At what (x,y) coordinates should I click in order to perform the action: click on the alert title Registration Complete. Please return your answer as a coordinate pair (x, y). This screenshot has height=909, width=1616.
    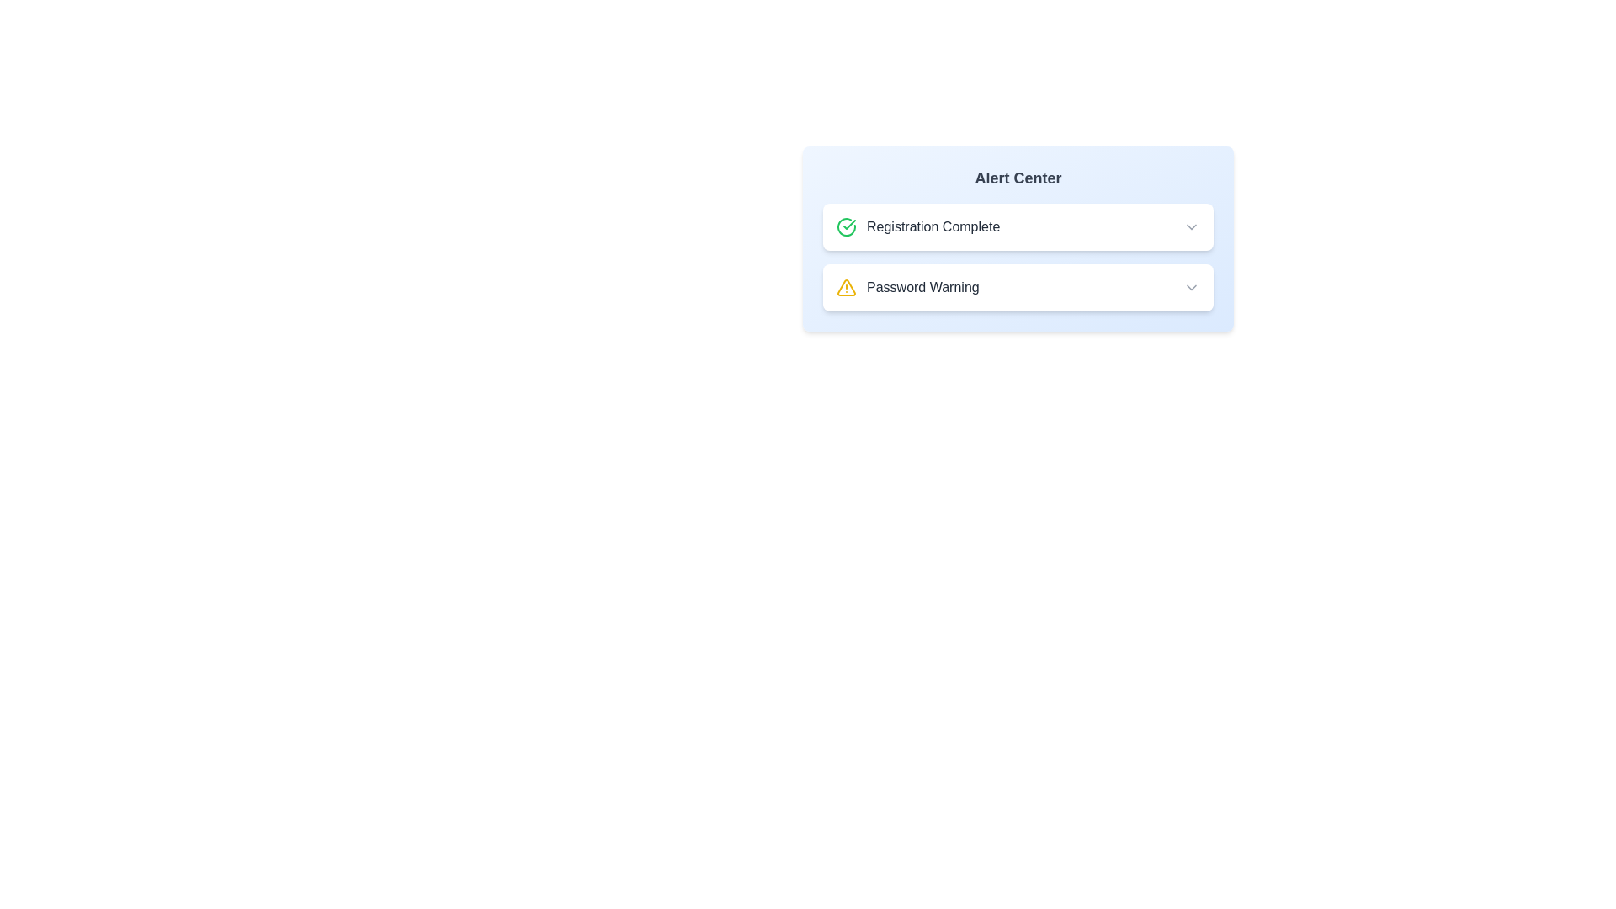
    Looking at the image, I should click on (1017, 227).